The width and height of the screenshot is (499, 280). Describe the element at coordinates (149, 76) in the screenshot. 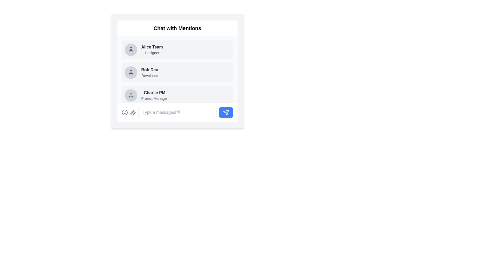

I see `text label indicating the role of 'Bob Dev', which is located in the second item of a list-like structure` at that location.